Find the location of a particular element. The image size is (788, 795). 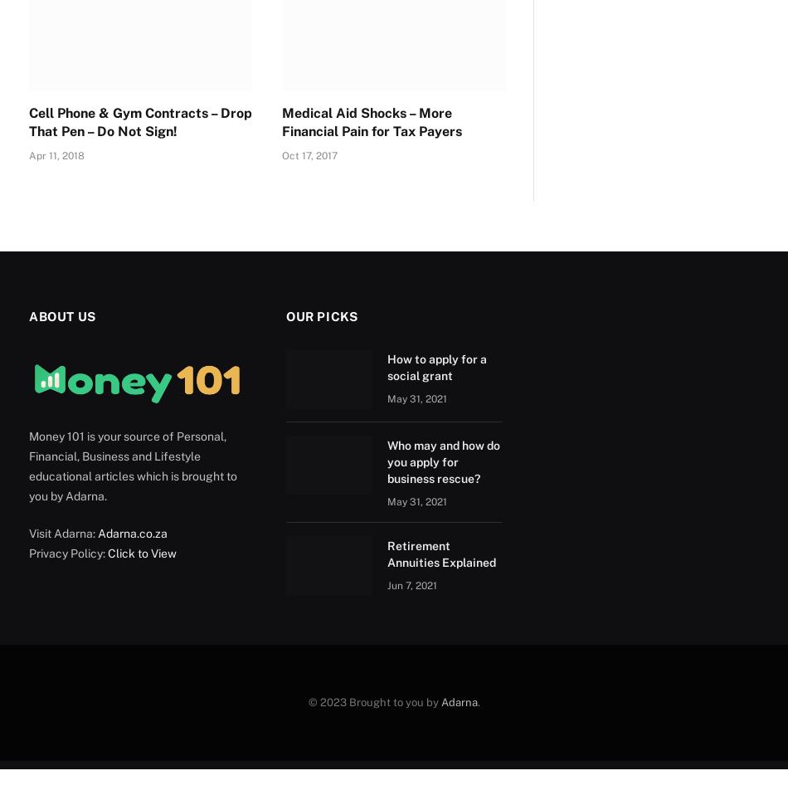

'Money 101 is your source of Personal, Financial, Business and Lifestyle educational articles which is brought to you by Adarna.' is located at coordinates (133, 466).